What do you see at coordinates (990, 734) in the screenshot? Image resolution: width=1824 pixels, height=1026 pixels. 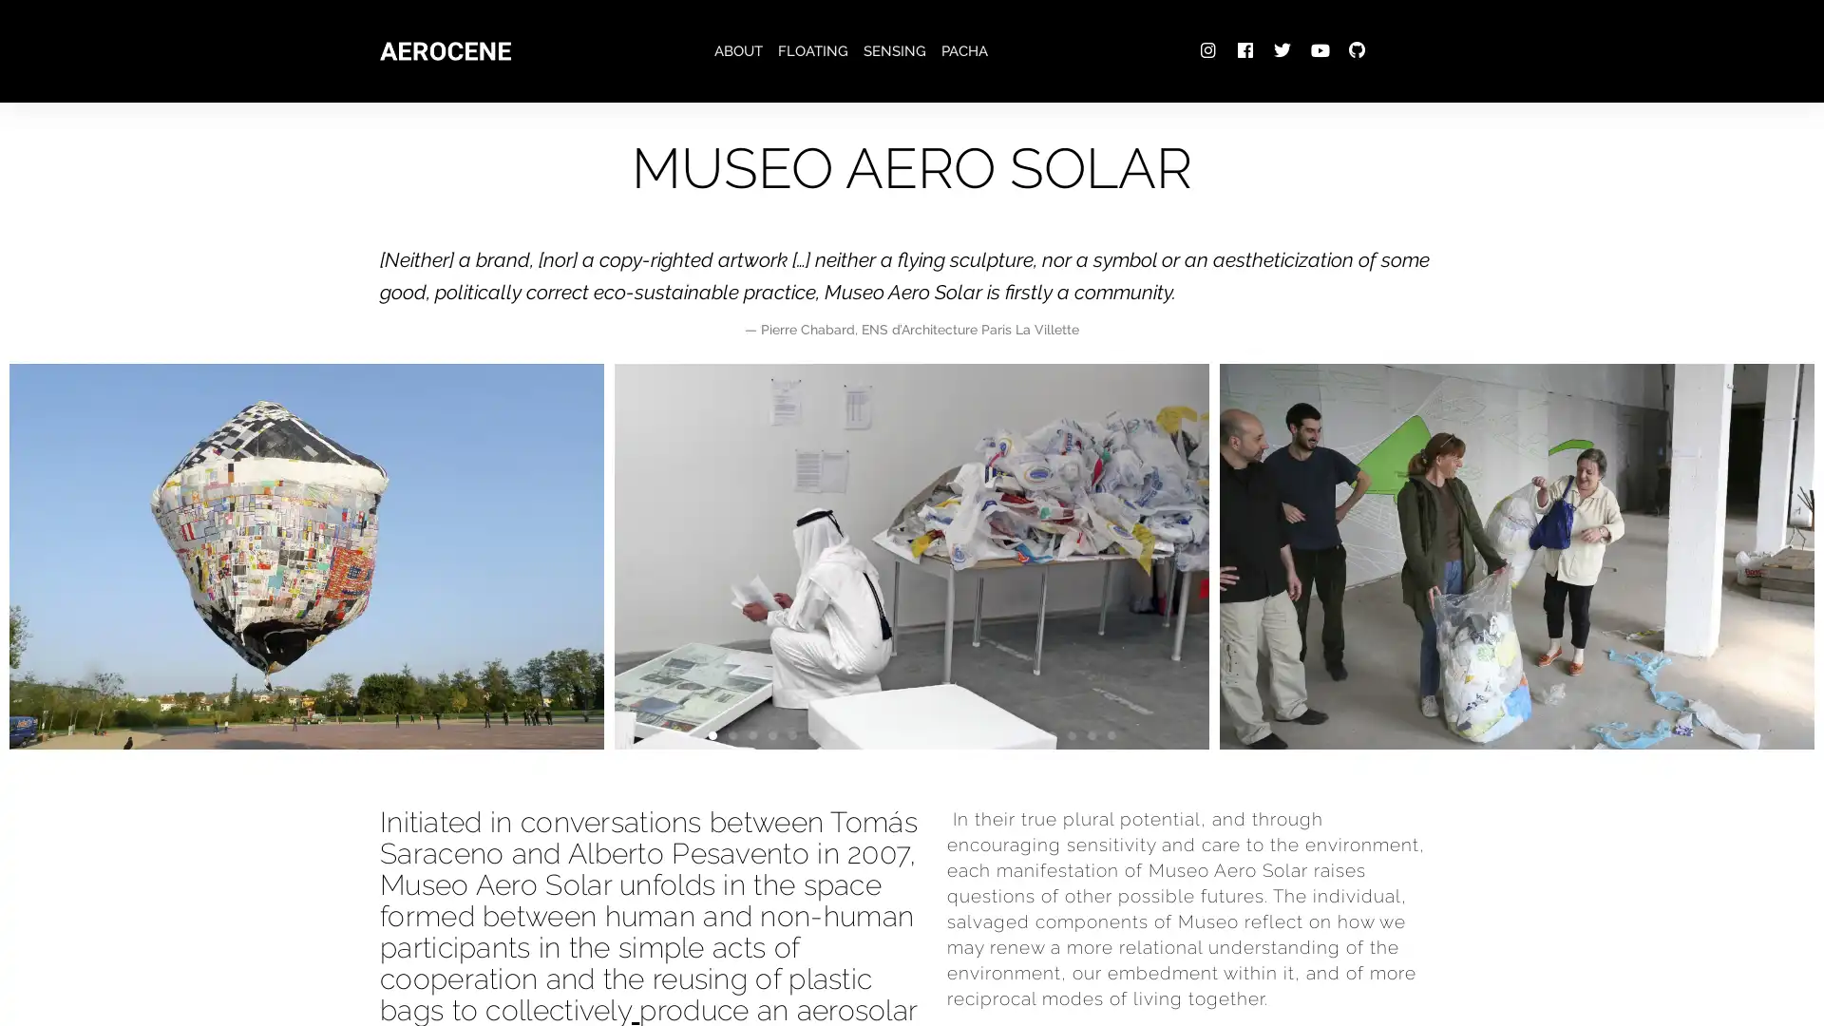 I see `Go to slide 15` at bounding box center [990, 734].